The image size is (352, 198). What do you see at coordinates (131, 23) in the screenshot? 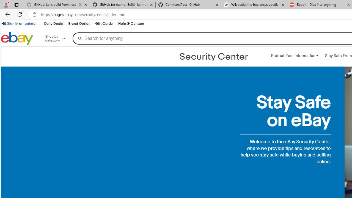
I see `'Help & Contact'` at bounding box center [131, 23].